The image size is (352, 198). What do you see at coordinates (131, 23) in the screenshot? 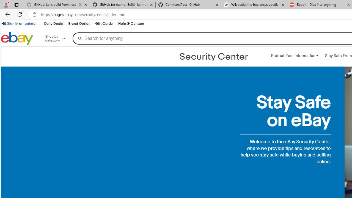
I see `'Help & Contact'` at bounding box center [131, 23].